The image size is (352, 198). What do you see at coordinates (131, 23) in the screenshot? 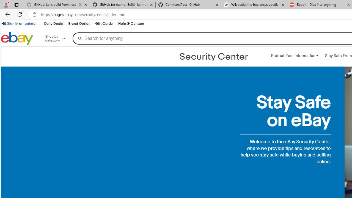
I see `'Help & Contact'` at bounding box center [131, 23].